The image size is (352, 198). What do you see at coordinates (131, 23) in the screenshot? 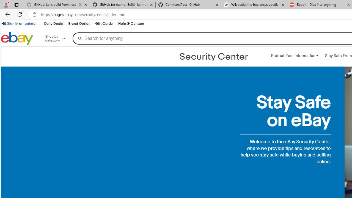
I see `'Help & Contact'` at bounding box center [131, 23].